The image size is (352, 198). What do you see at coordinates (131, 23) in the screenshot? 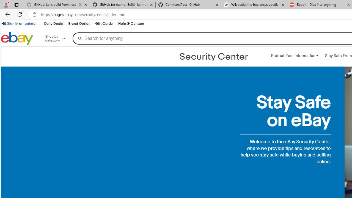
I see `'Help & Contact'` at bounding box center [131, 23].